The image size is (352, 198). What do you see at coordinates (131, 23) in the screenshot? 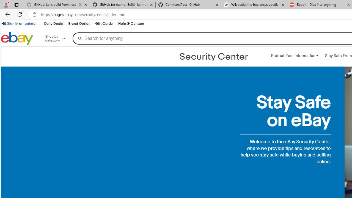
I see `'Help & Contact'` at bounding box center [131, 23].